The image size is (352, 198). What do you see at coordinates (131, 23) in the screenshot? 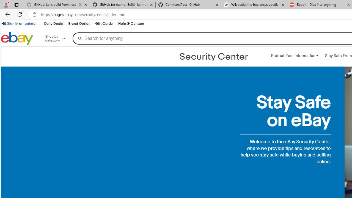
I see `'Help & Contact'` at bounding box center [131, 23].